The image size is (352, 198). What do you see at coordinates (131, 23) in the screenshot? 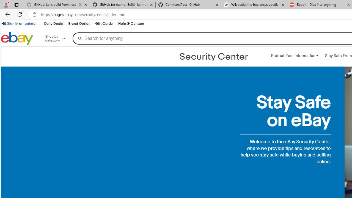
I see `'Help & Contact'` at bounding box center [131, 23].